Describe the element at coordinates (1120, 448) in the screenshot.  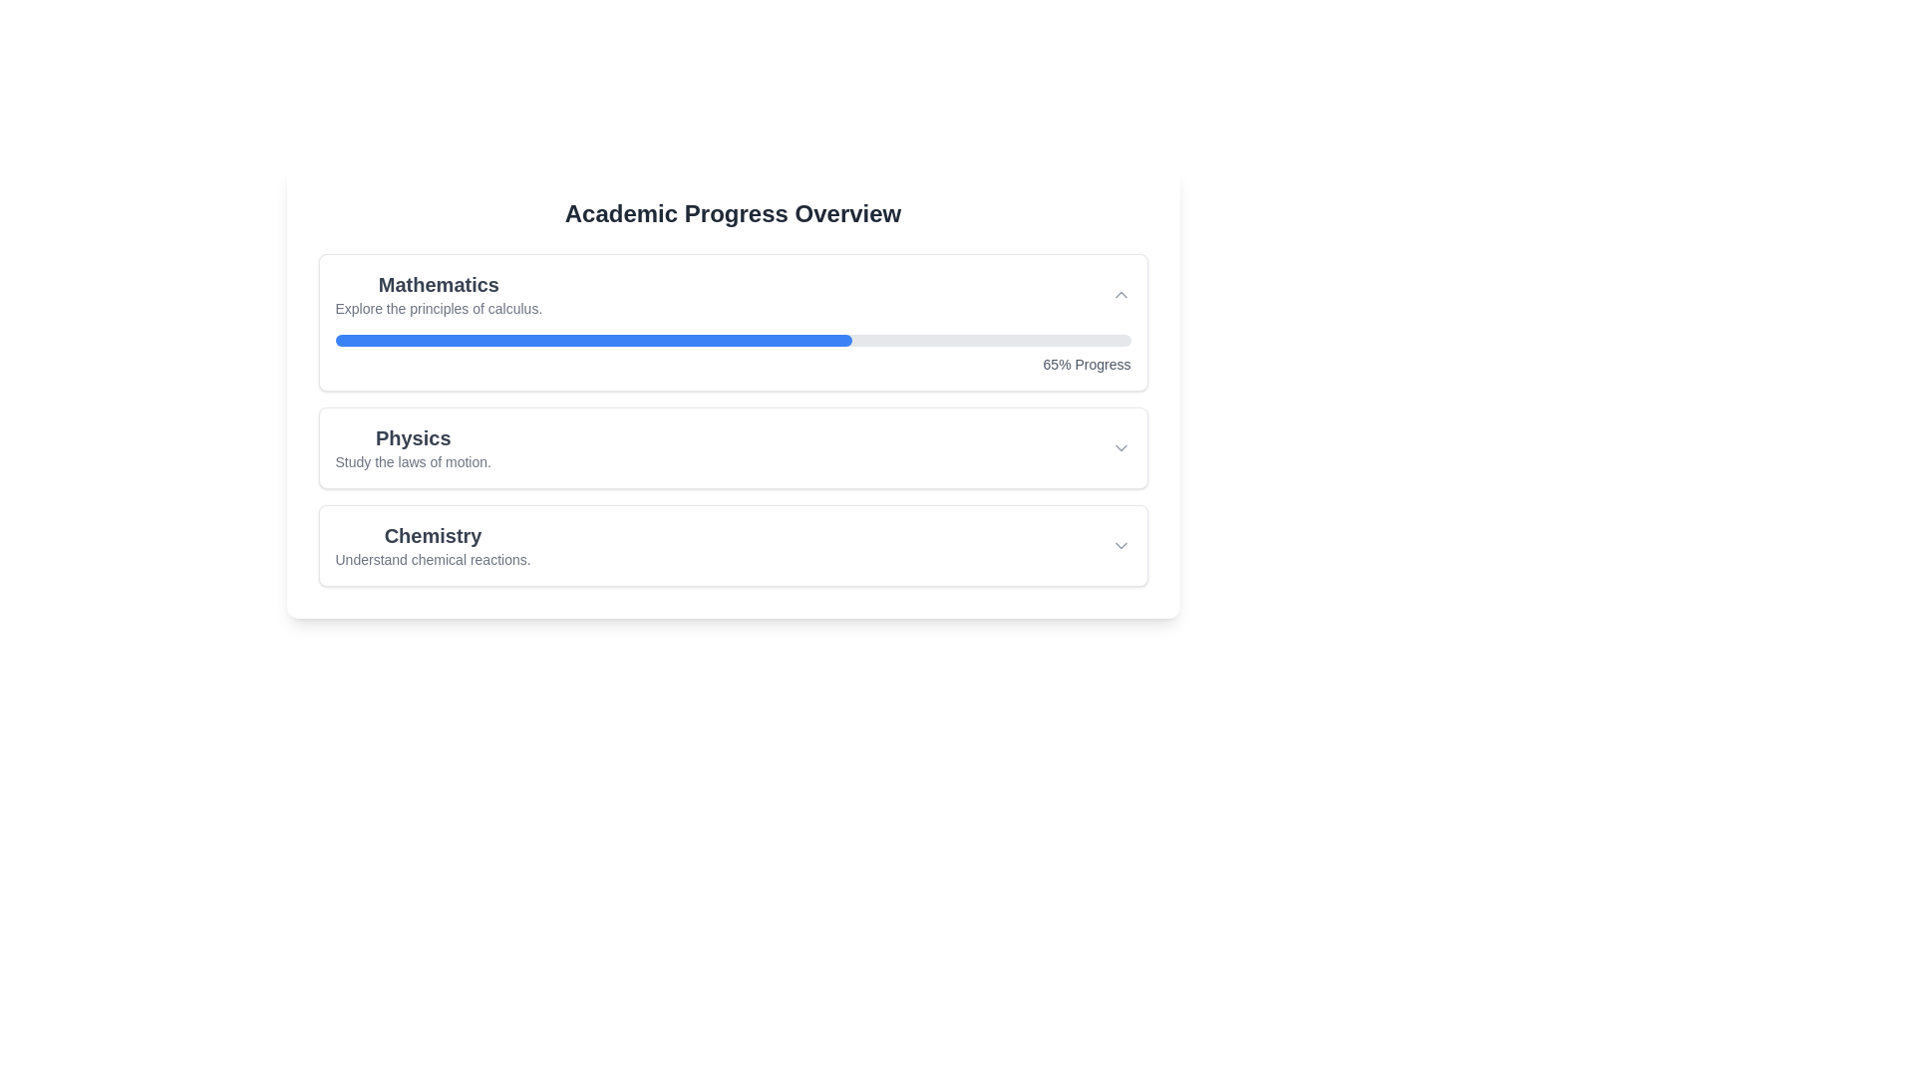
I see `the dropdown indicator icon button, represented by a downward-facing chevron located in the second card of the 'Physics' content block` at that location.